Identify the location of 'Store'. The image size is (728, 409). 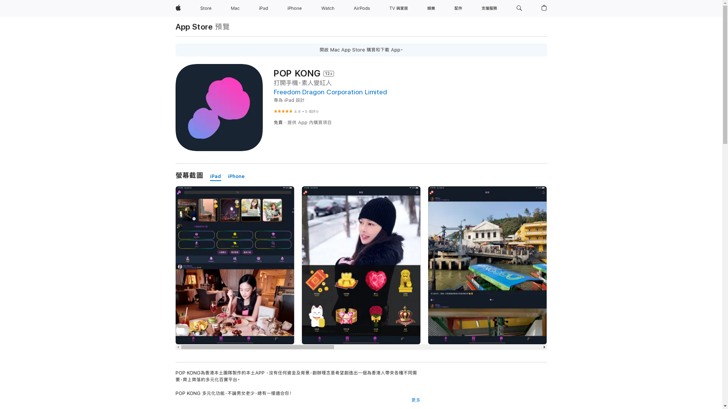
(197, 8).